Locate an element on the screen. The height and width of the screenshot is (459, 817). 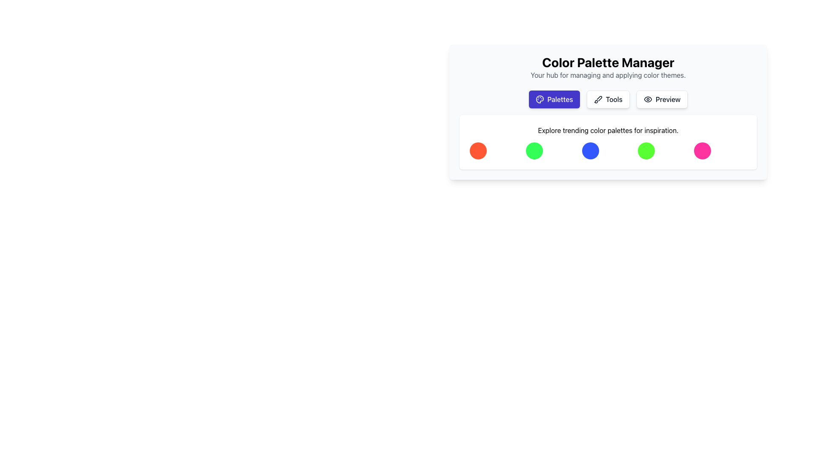
the vibrant green circle-shaped color marker, which is the second item in a line of five circles is located at coordinates (534, 150).